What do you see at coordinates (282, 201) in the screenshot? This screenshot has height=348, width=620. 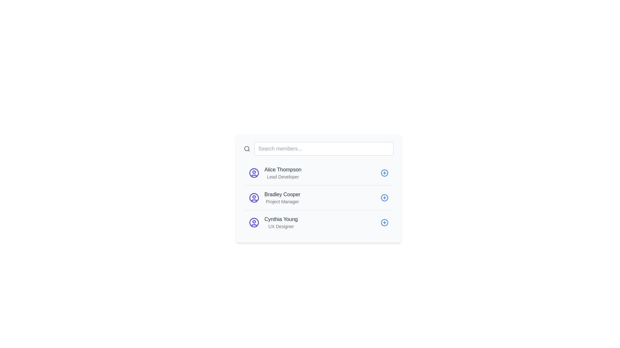 I see `the informational text label that indicates the professional title or role associated with 'Bradley Cooper', which is located immediately below the larger text` at bounding box center [282, 201].